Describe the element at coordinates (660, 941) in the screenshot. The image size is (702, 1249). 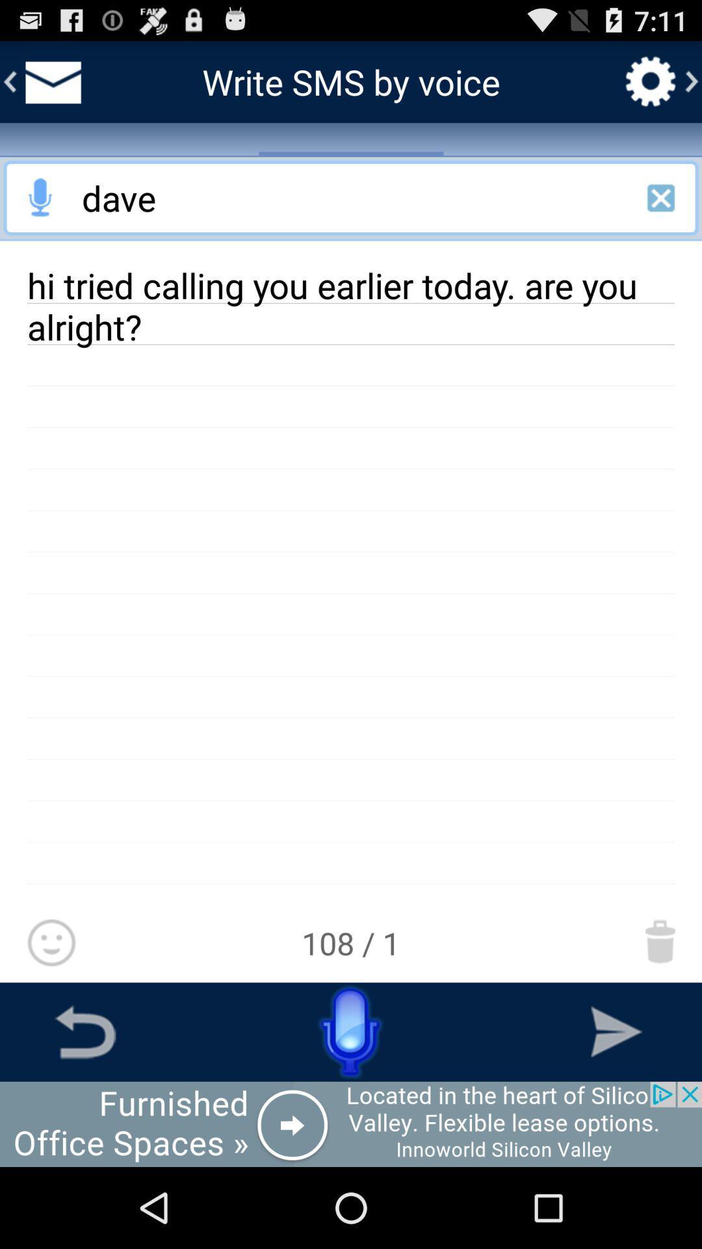
I see `dustbin` at that location.